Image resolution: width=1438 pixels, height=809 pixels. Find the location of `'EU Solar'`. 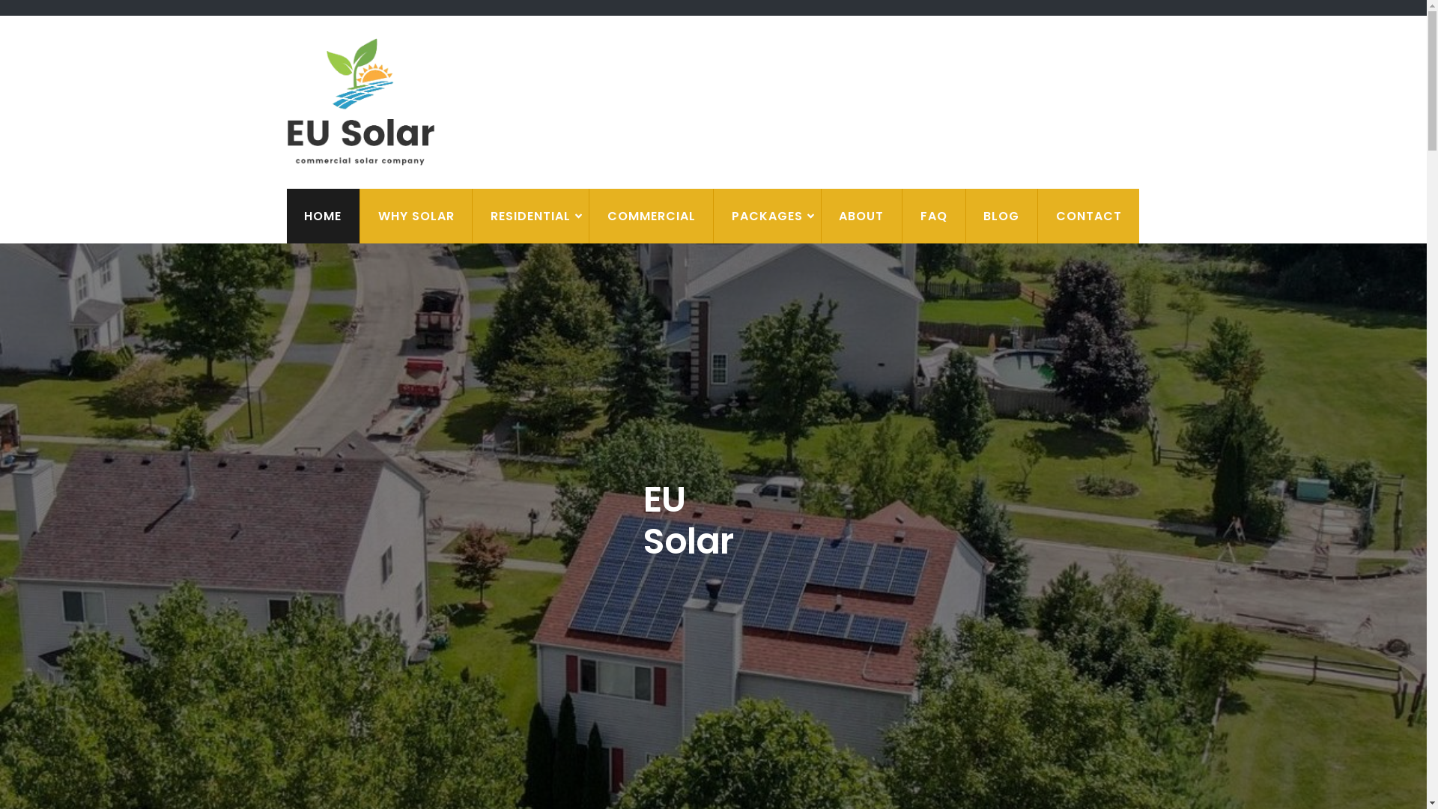

'EU Solar' is located at coordinates (680, 118).